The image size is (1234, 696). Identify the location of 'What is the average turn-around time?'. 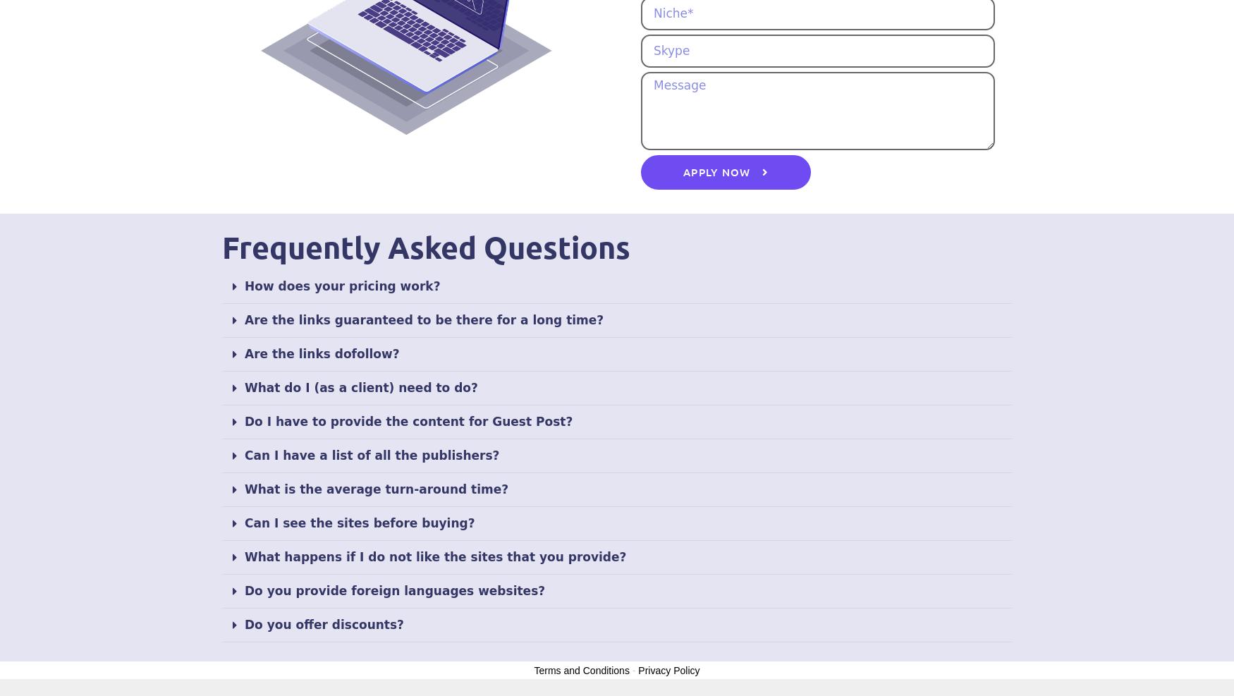
(375, 488).